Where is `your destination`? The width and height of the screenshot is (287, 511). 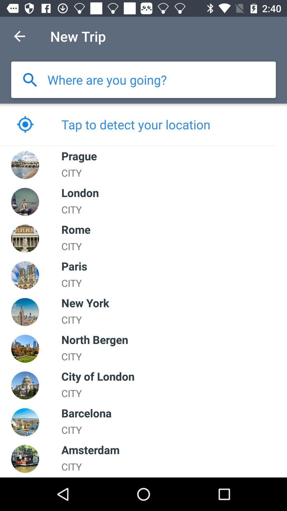
your destination is located at coordinates (107, 79).